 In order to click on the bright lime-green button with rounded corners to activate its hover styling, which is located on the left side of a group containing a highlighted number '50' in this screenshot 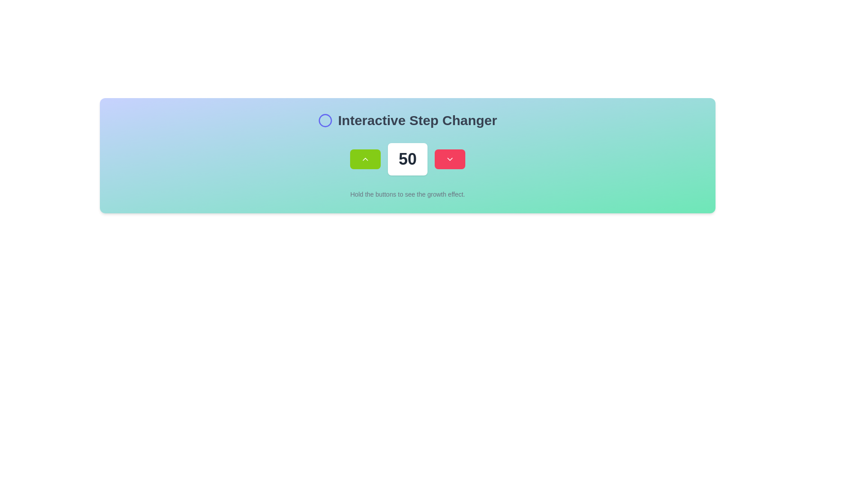, I will do `click(365, 159)`.